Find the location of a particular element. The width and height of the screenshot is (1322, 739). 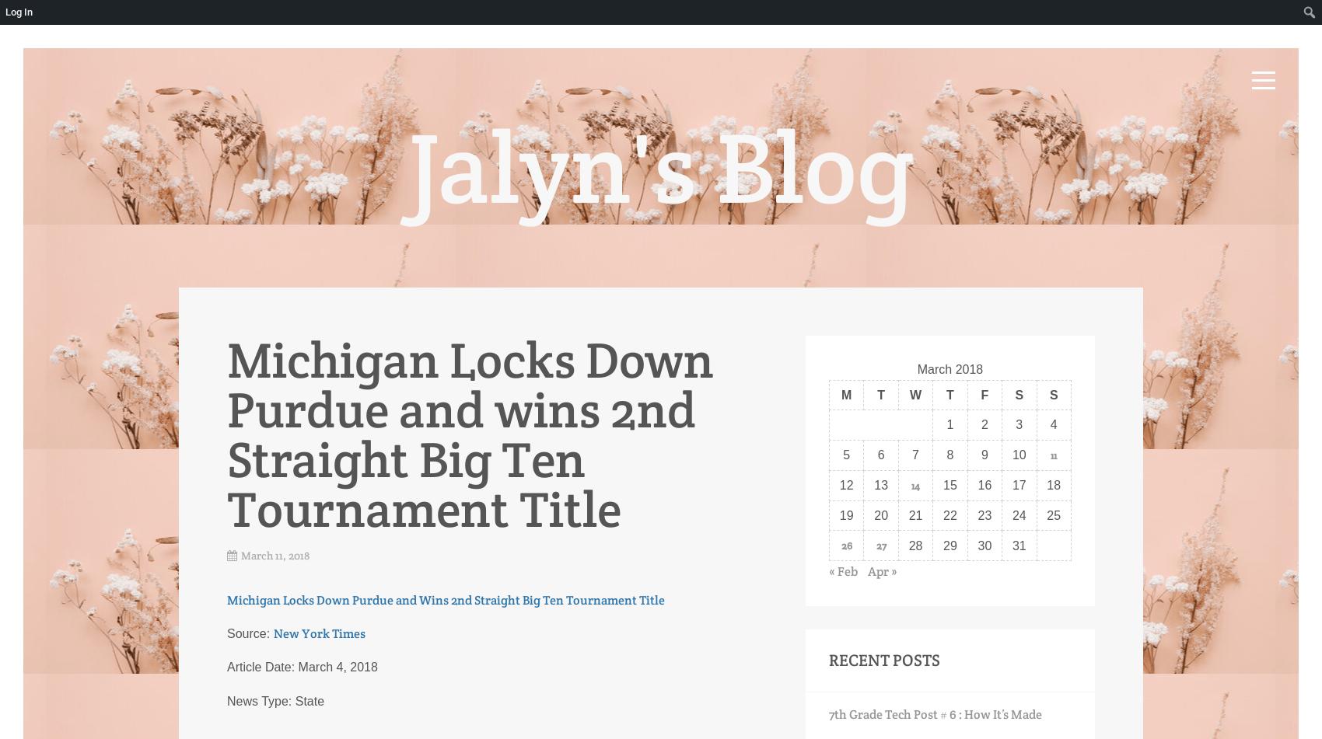

'20' is located at coordinates (881, 514).